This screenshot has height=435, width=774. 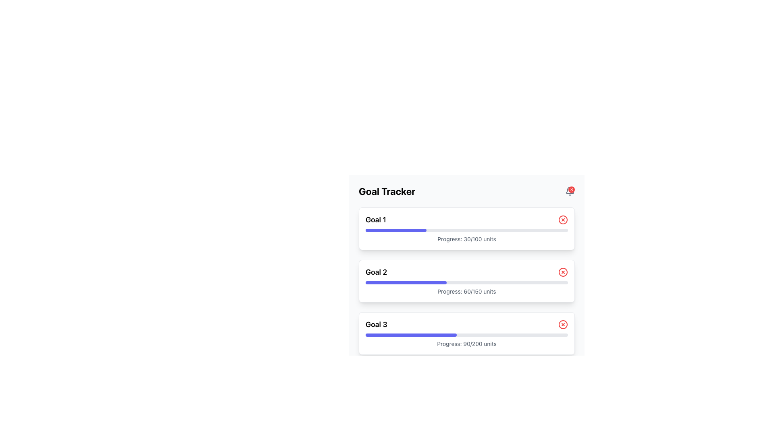 What do you see at coordinates (466, 292) in the screenshot?
I see `the Text label that communicates the progress details of 'Goal 2', which is located directly underneath the progress bar and centered horizontally in the bottom area of the card for 'Goal 2'` at bounding box center [466, 292].